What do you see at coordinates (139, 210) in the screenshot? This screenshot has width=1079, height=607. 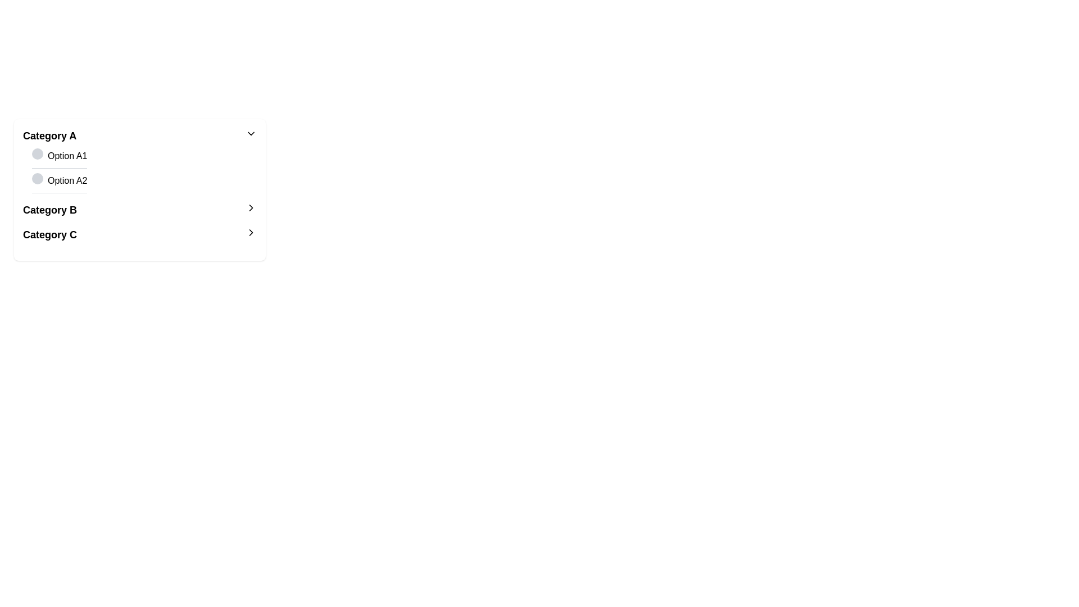 I see `the 'Category B' button, which is the second item in the vertically aligned menu` at bounding box center [139, 210].